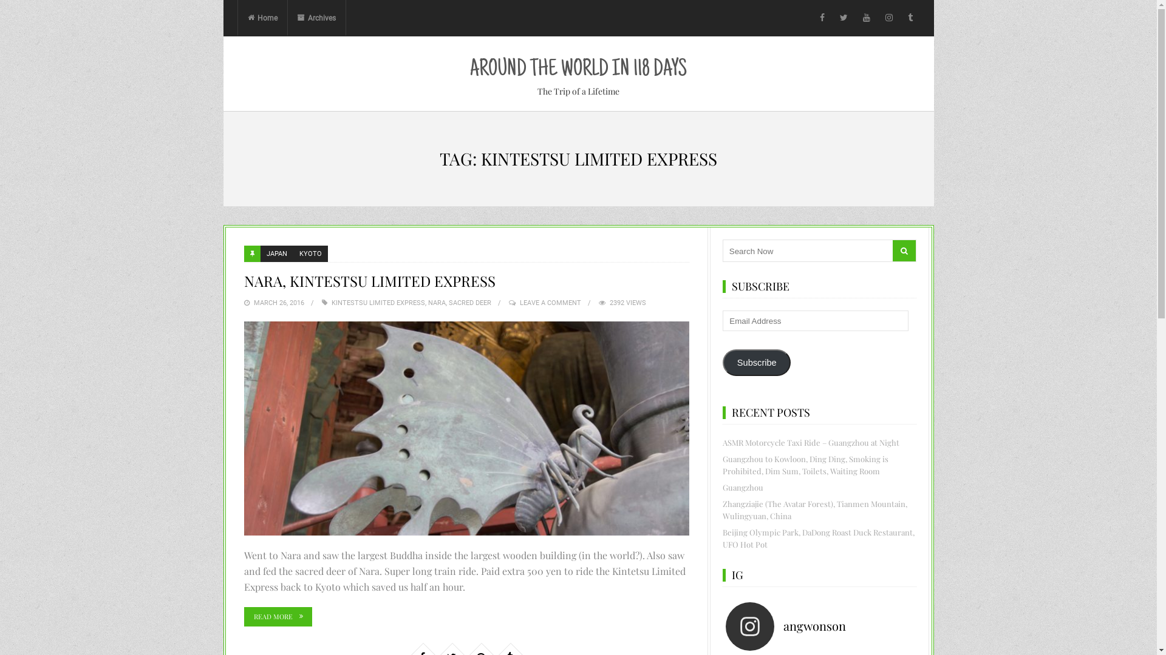  I want to click on 'Guangzhou', so click(742, 486).